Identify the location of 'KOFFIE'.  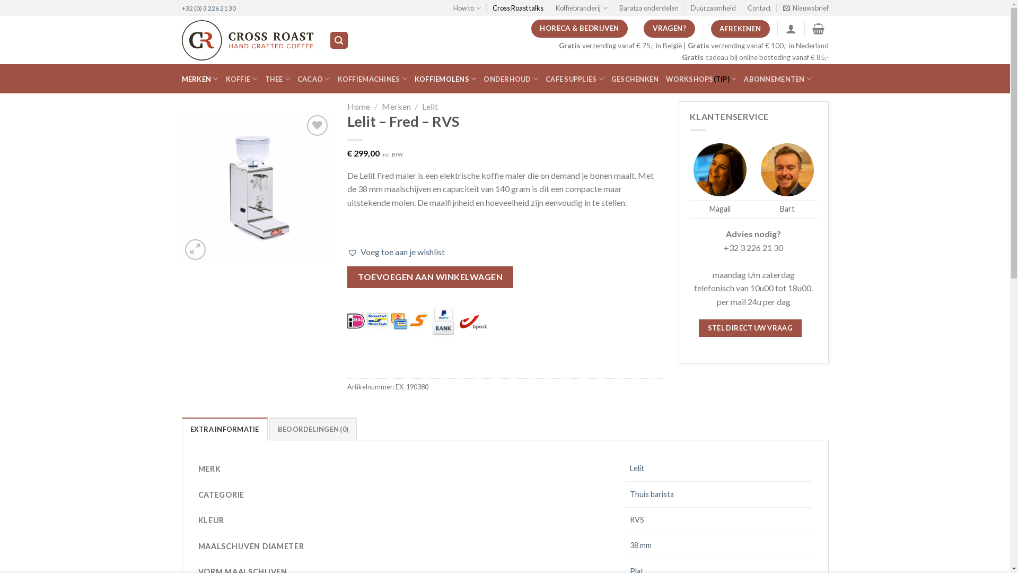
(241, 79).